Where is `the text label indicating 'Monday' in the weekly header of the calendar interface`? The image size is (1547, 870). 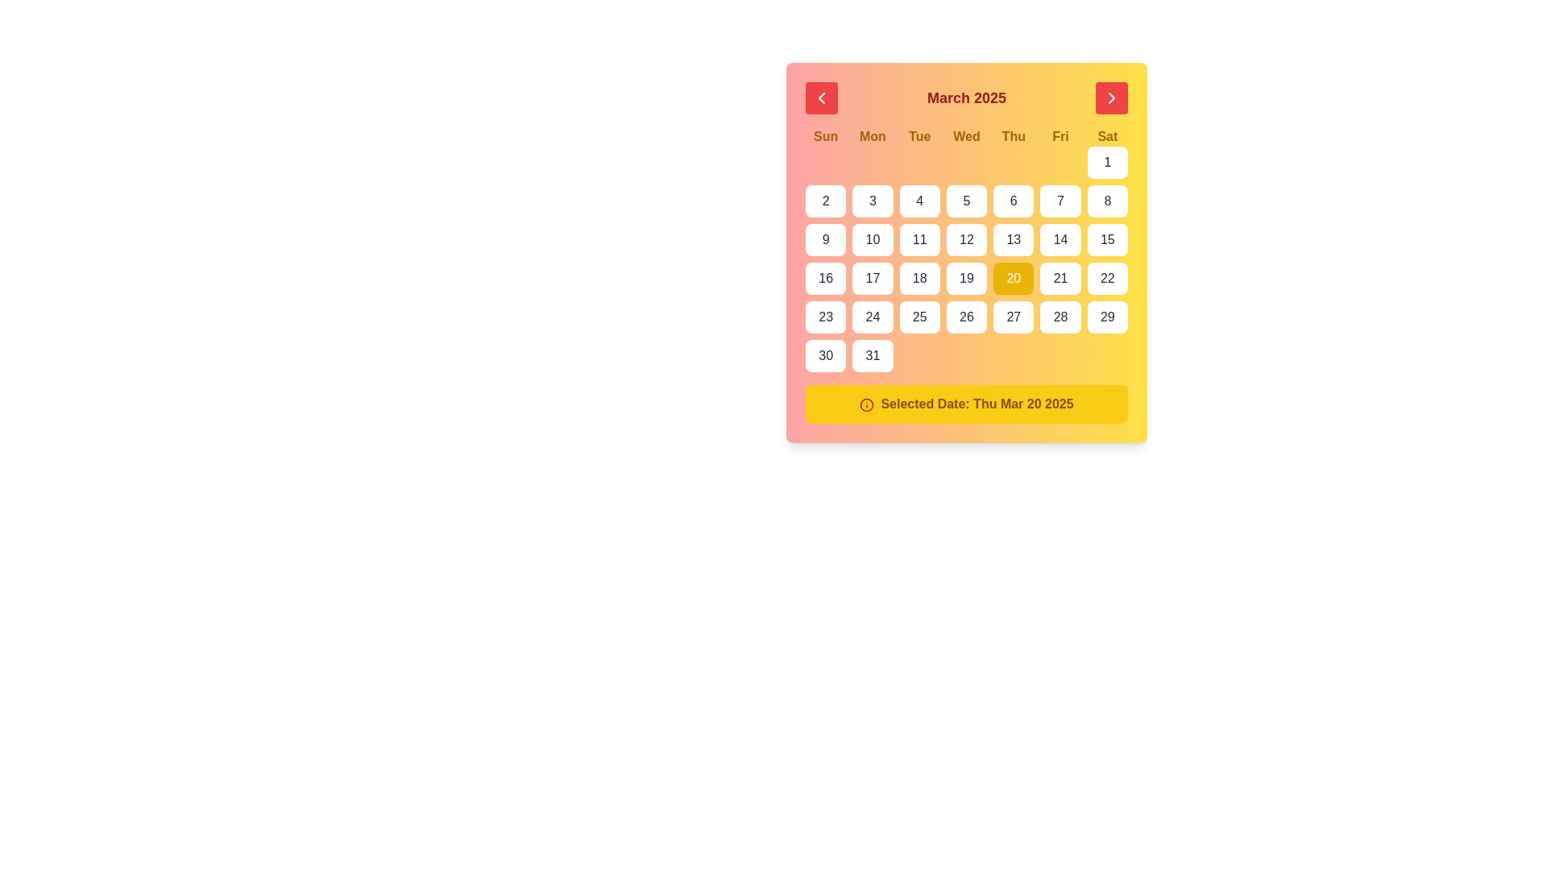
the text label indicating 'Monday' in the weekly header of the calendar interface is located at coordinates (872, 135).